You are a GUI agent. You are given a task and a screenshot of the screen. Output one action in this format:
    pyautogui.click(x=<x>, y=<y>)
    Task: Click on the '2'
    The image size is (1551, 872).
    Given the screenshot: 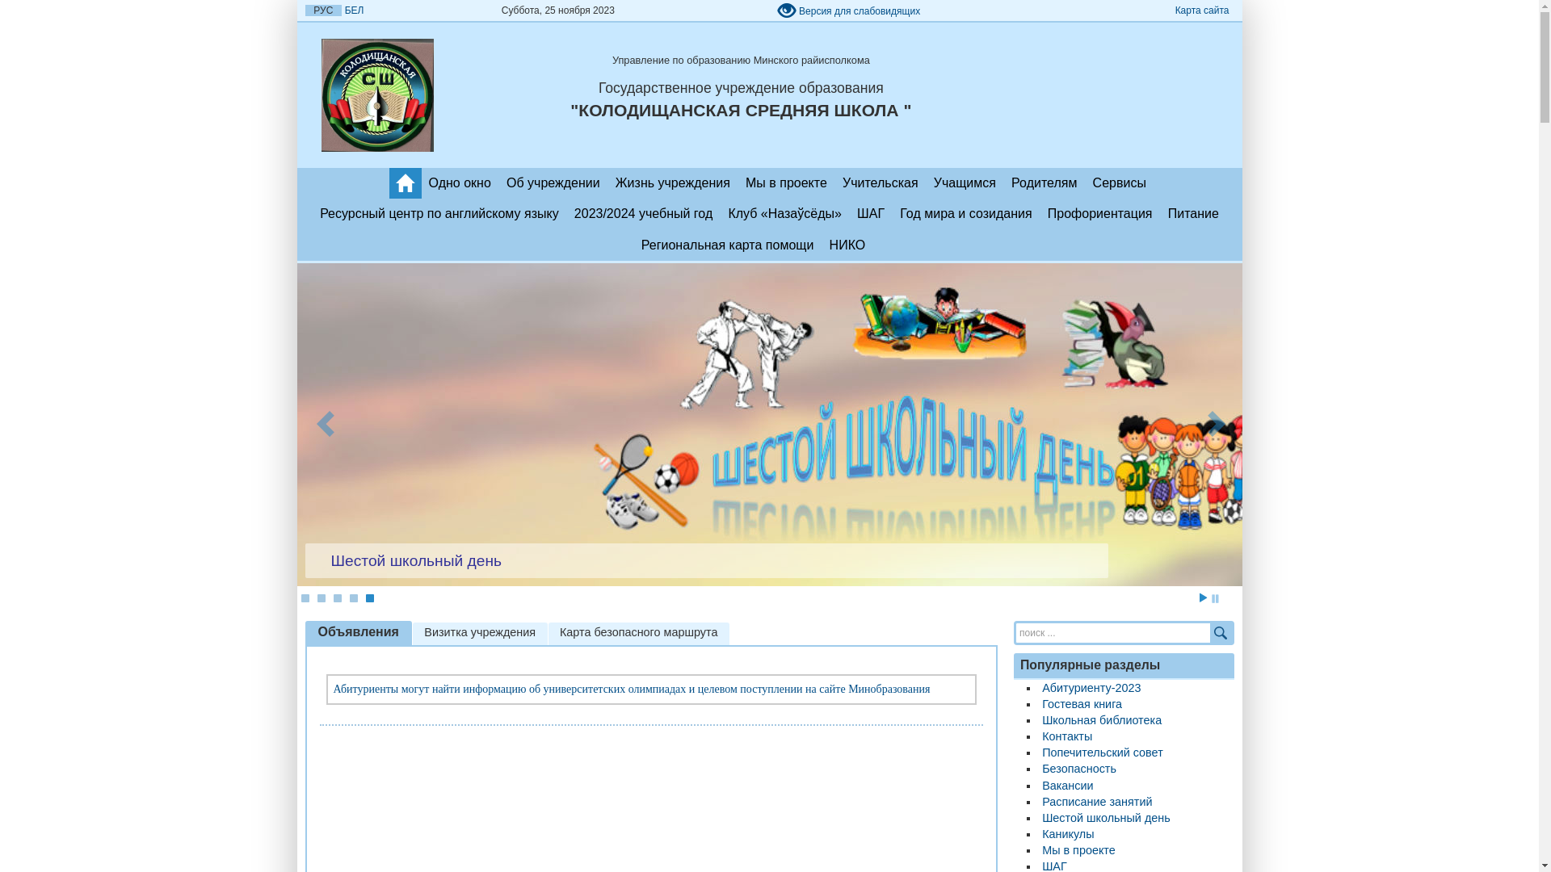 What is the action you would take?
    pyautogui.click(x=321, y=597)
    